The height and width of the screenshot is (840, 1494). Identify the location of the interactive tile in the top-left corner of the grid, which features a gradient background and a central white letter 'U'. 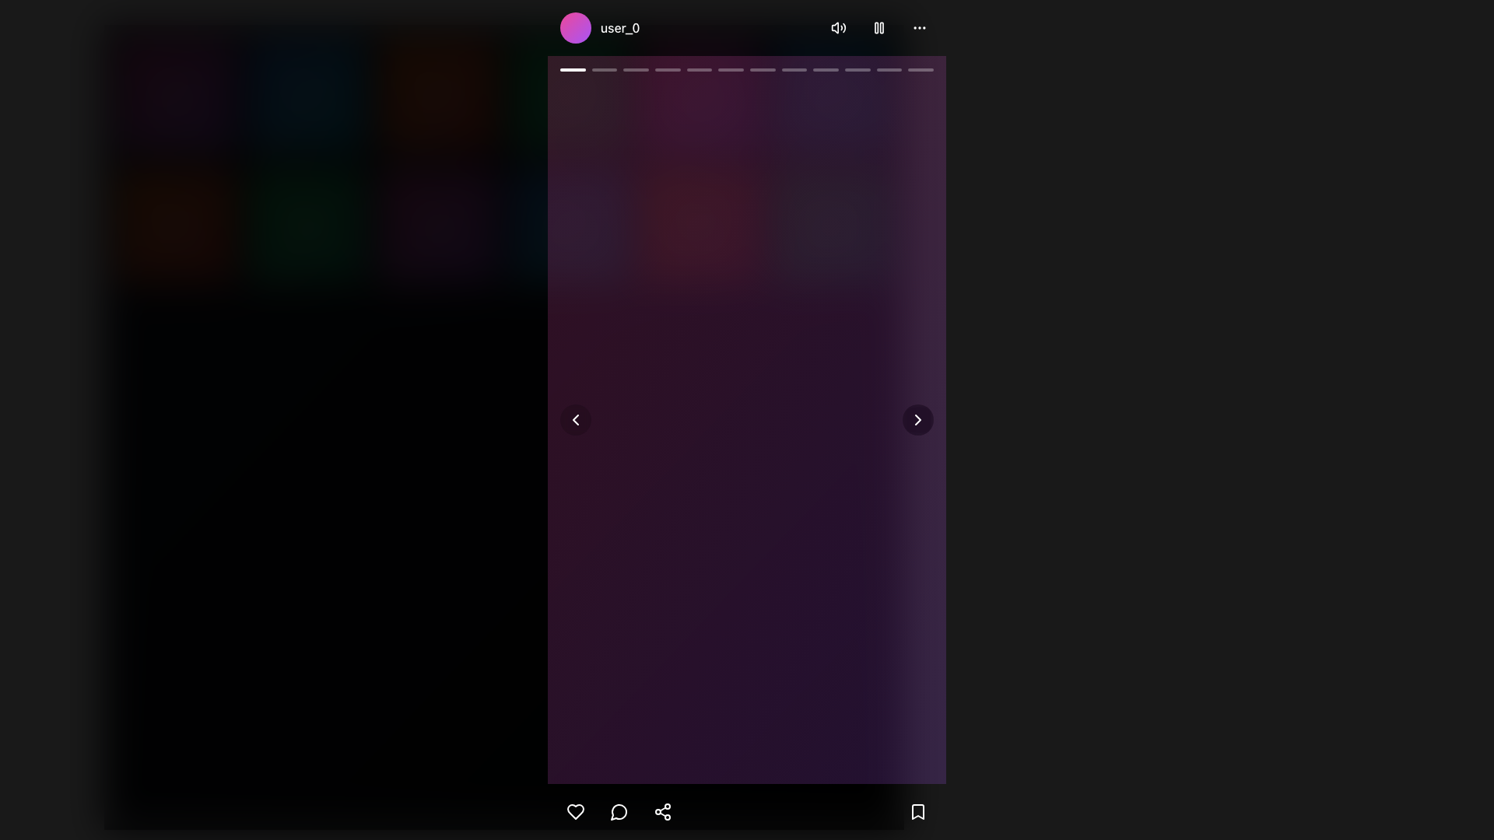
(176, 96).